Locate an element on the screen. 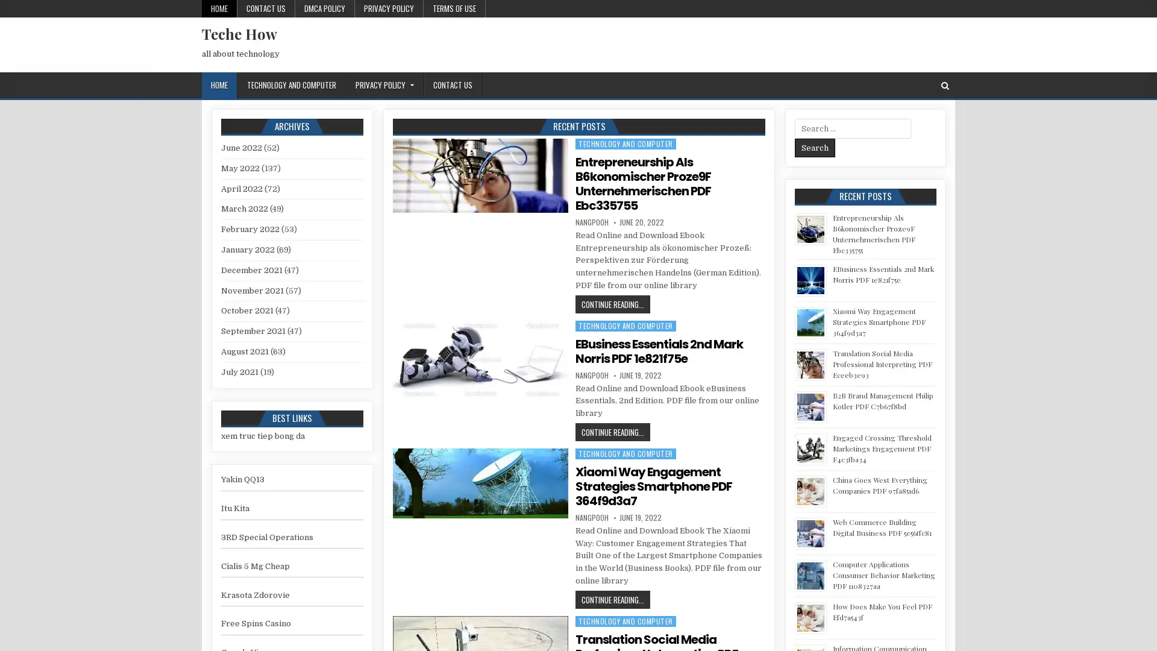 The height and width of the screenshot is (651, 1157). Search is located at coordinates (814, 147).